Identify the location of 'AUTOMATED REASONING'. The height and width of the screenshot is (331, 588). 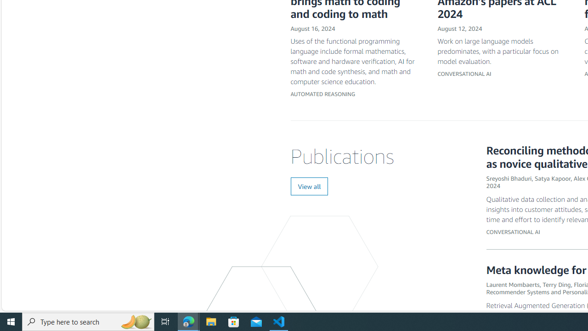
(323, 94).